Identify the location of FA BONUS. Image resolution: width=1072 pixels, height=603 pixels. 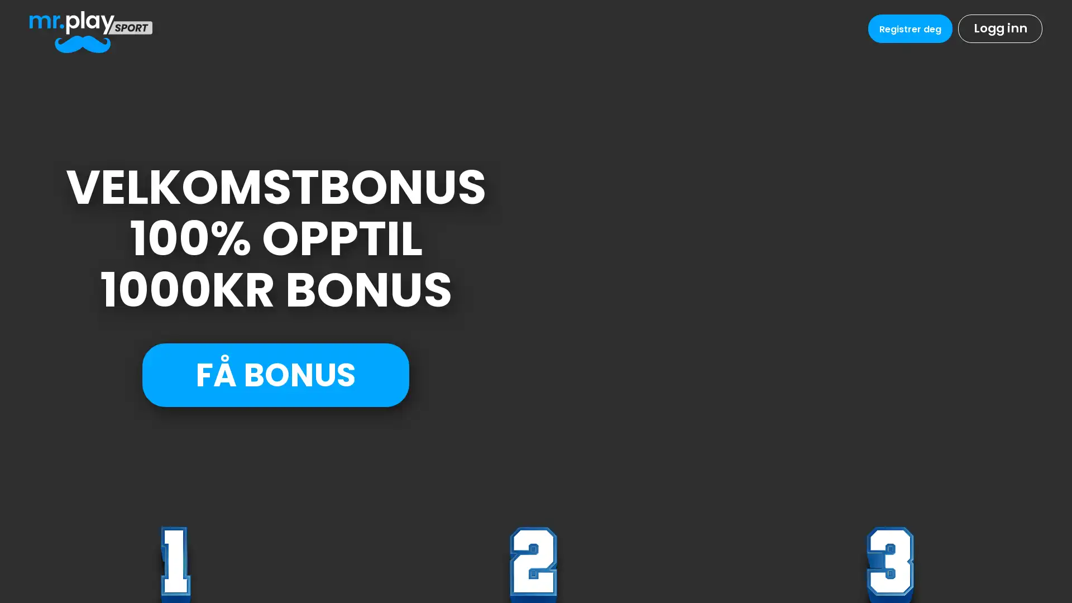
(276, 375).